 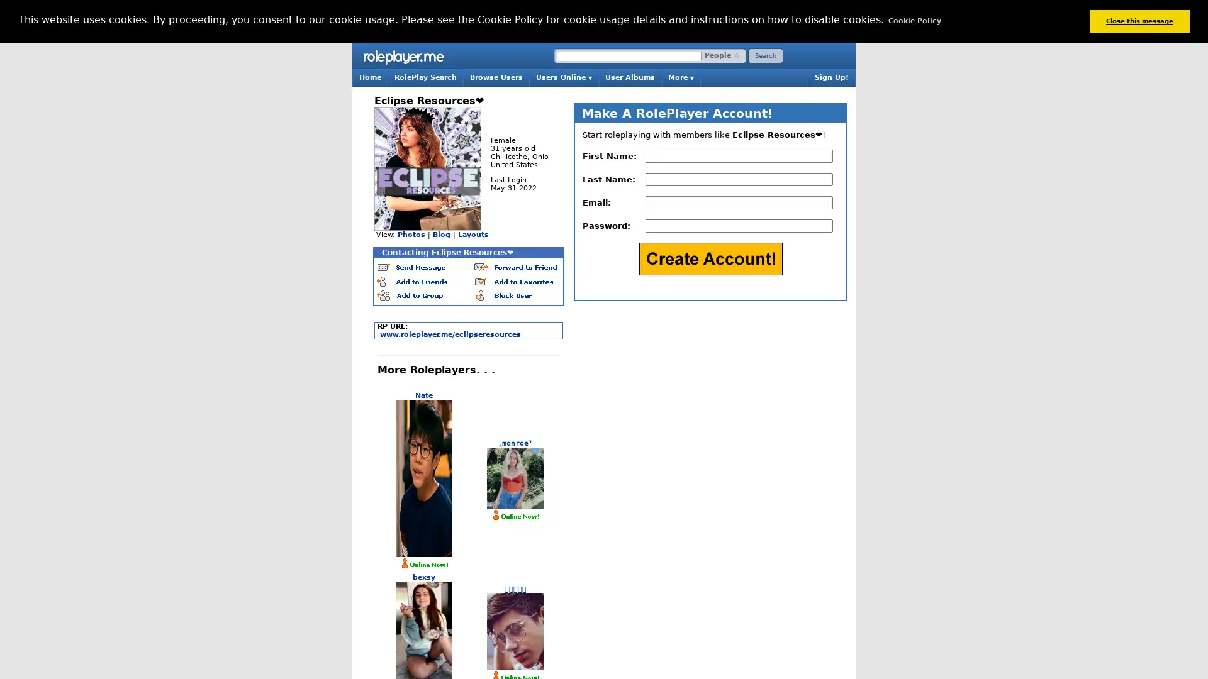 I want to click on dismiss cookie message, so click(x=1139, y=21).